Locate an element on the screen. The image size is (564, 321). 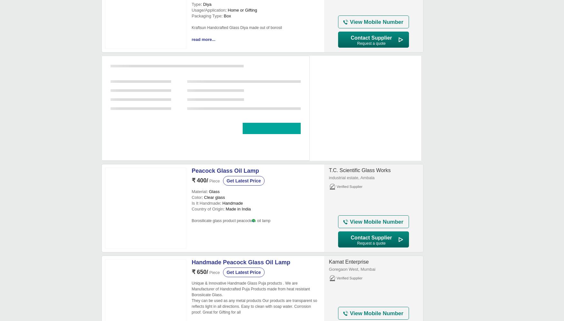
'Color' is located at coordinates (196, 197).